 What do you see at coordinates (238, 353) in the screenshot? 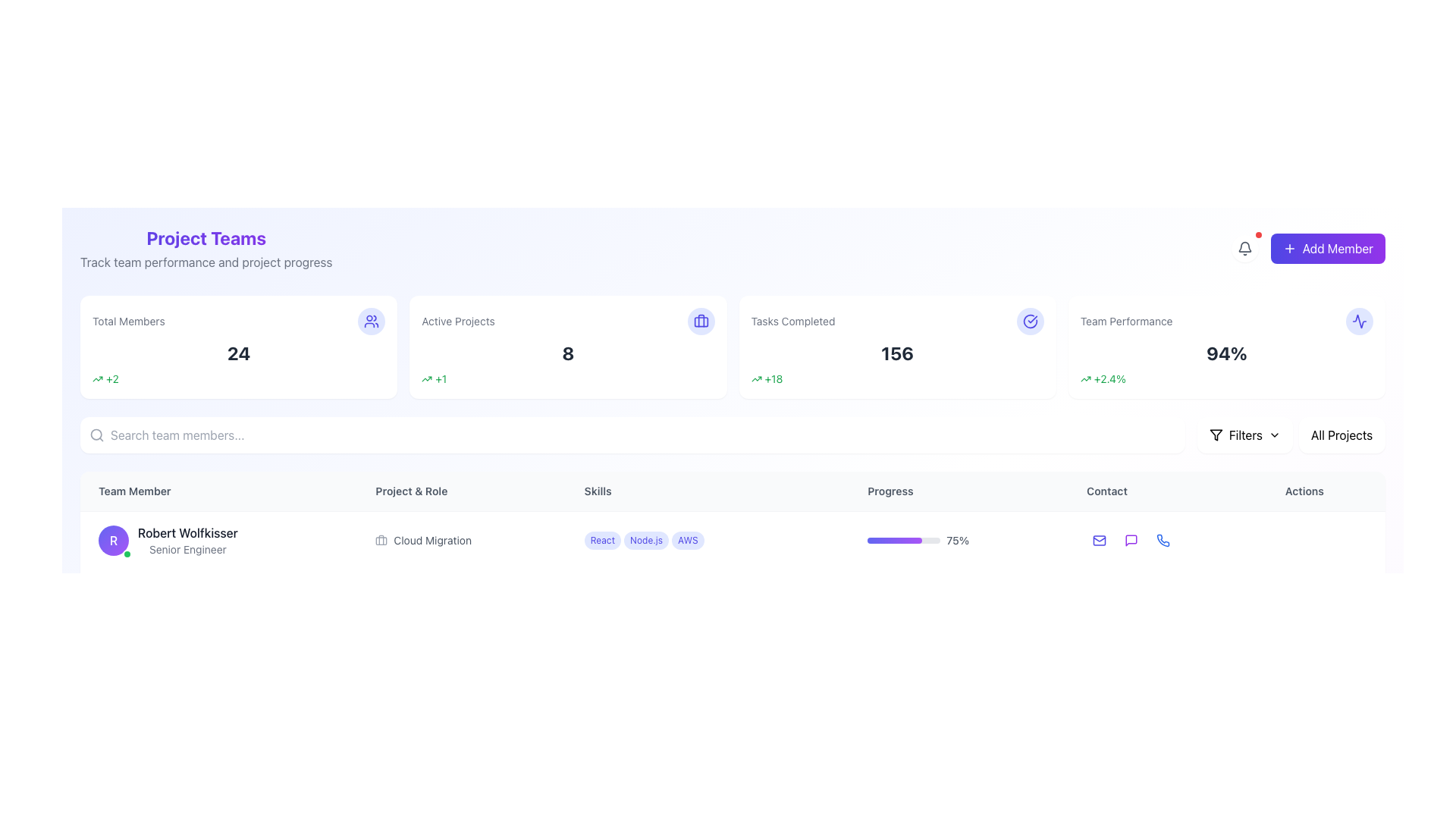
I see `the text displaying the total number of members located within the 'Total Members' card in the top-left portion of the interface` at bounding box center [238, 353].